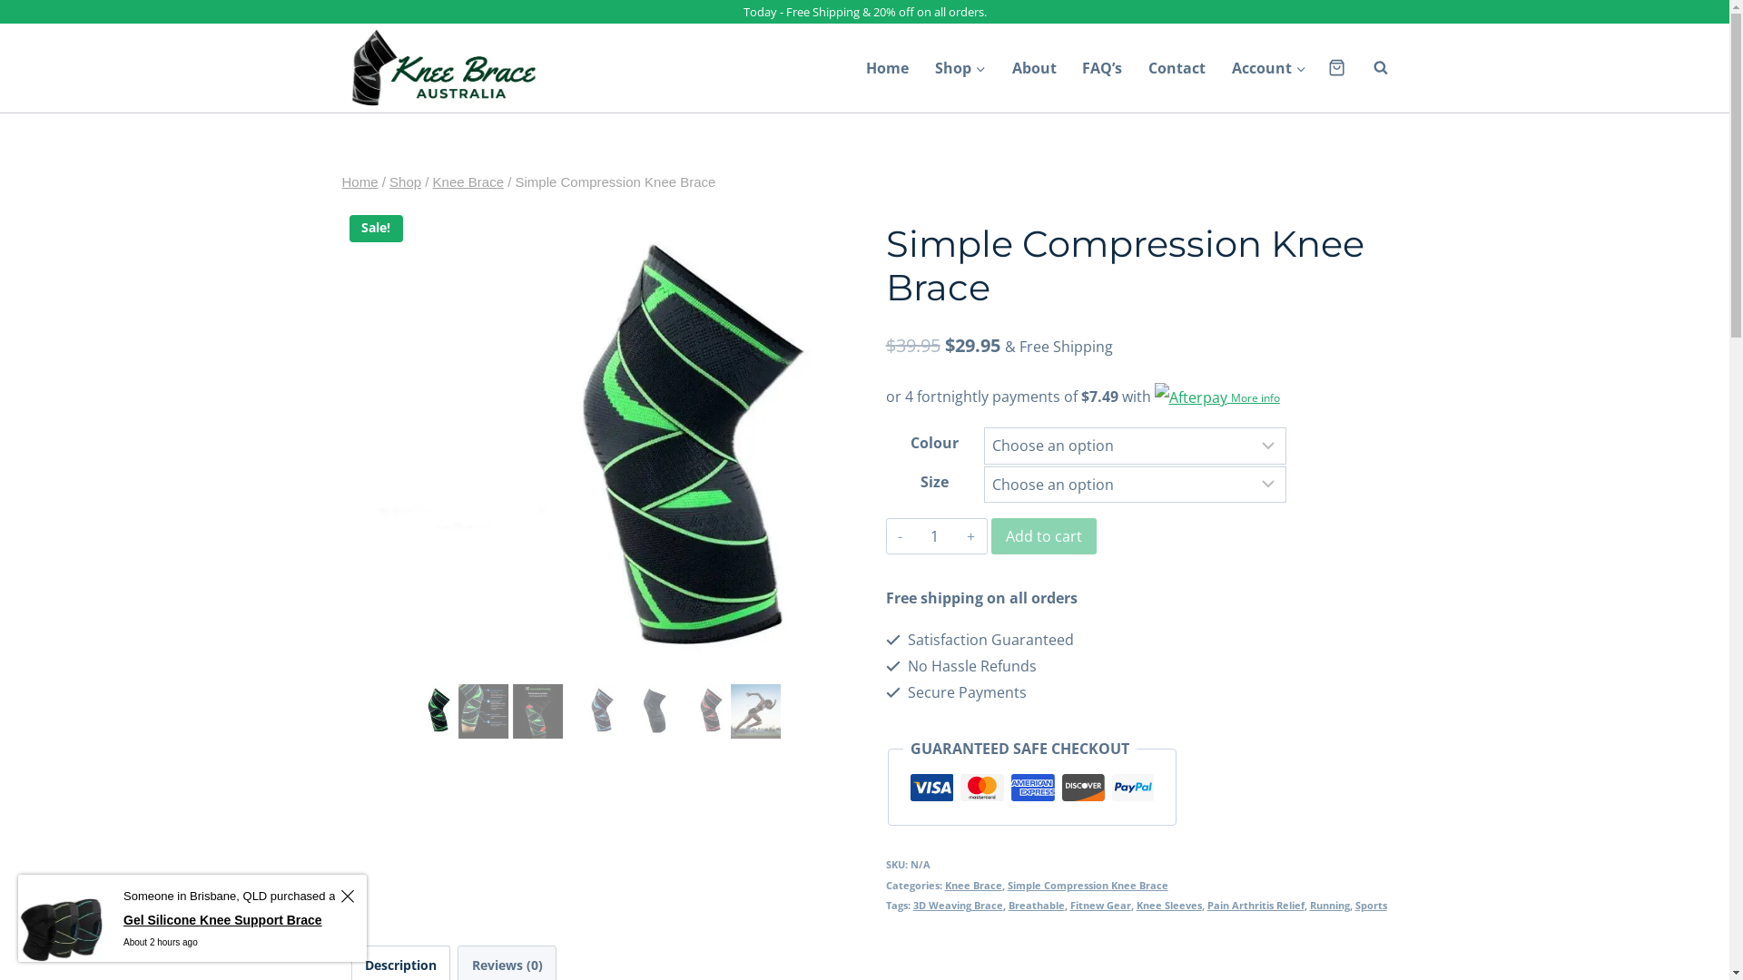 This screenshot has width=1743, height=980. Describe the element at coordinates (1177, 66) in the screenshot. I see `'Contact'` at that location.